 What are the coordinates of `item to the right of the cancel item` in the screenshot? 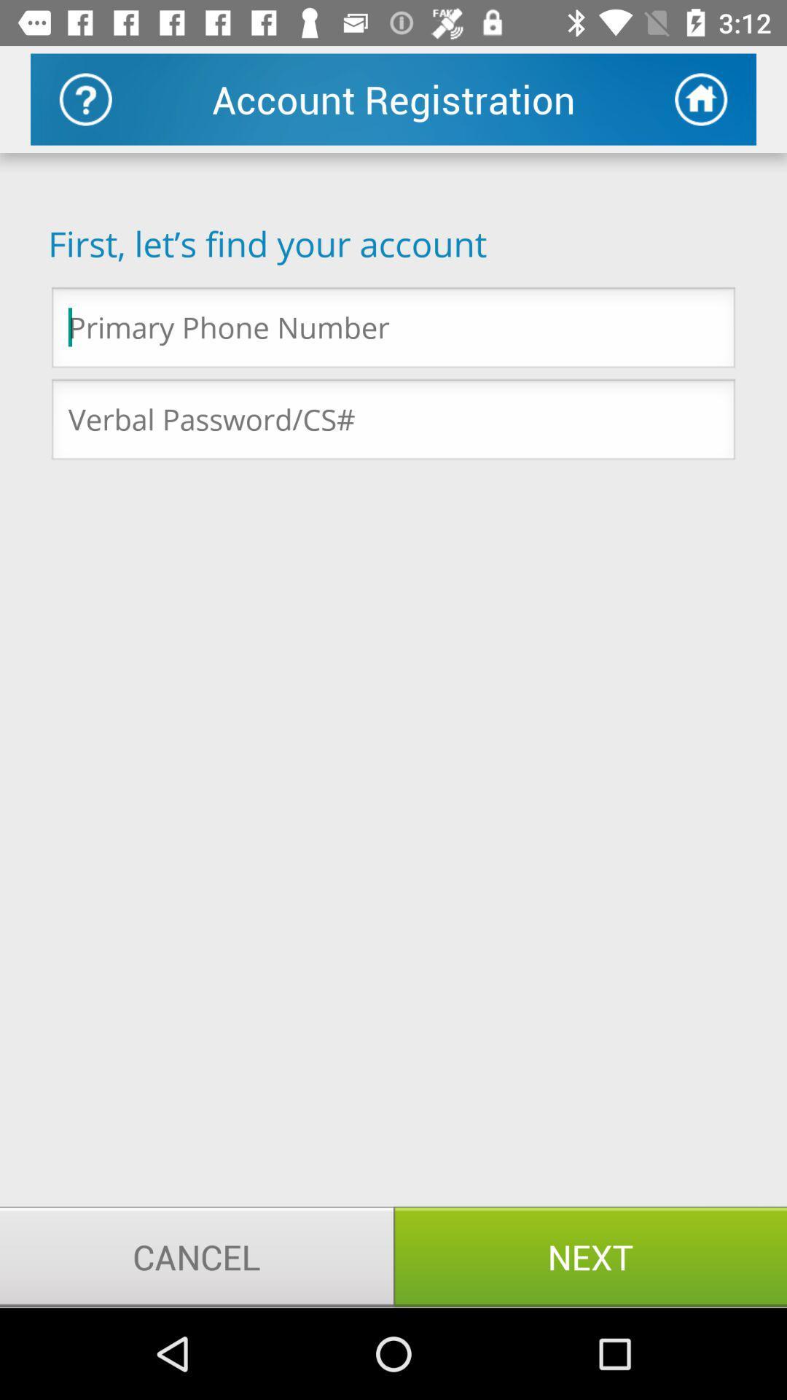 It's located at (590, 1256).